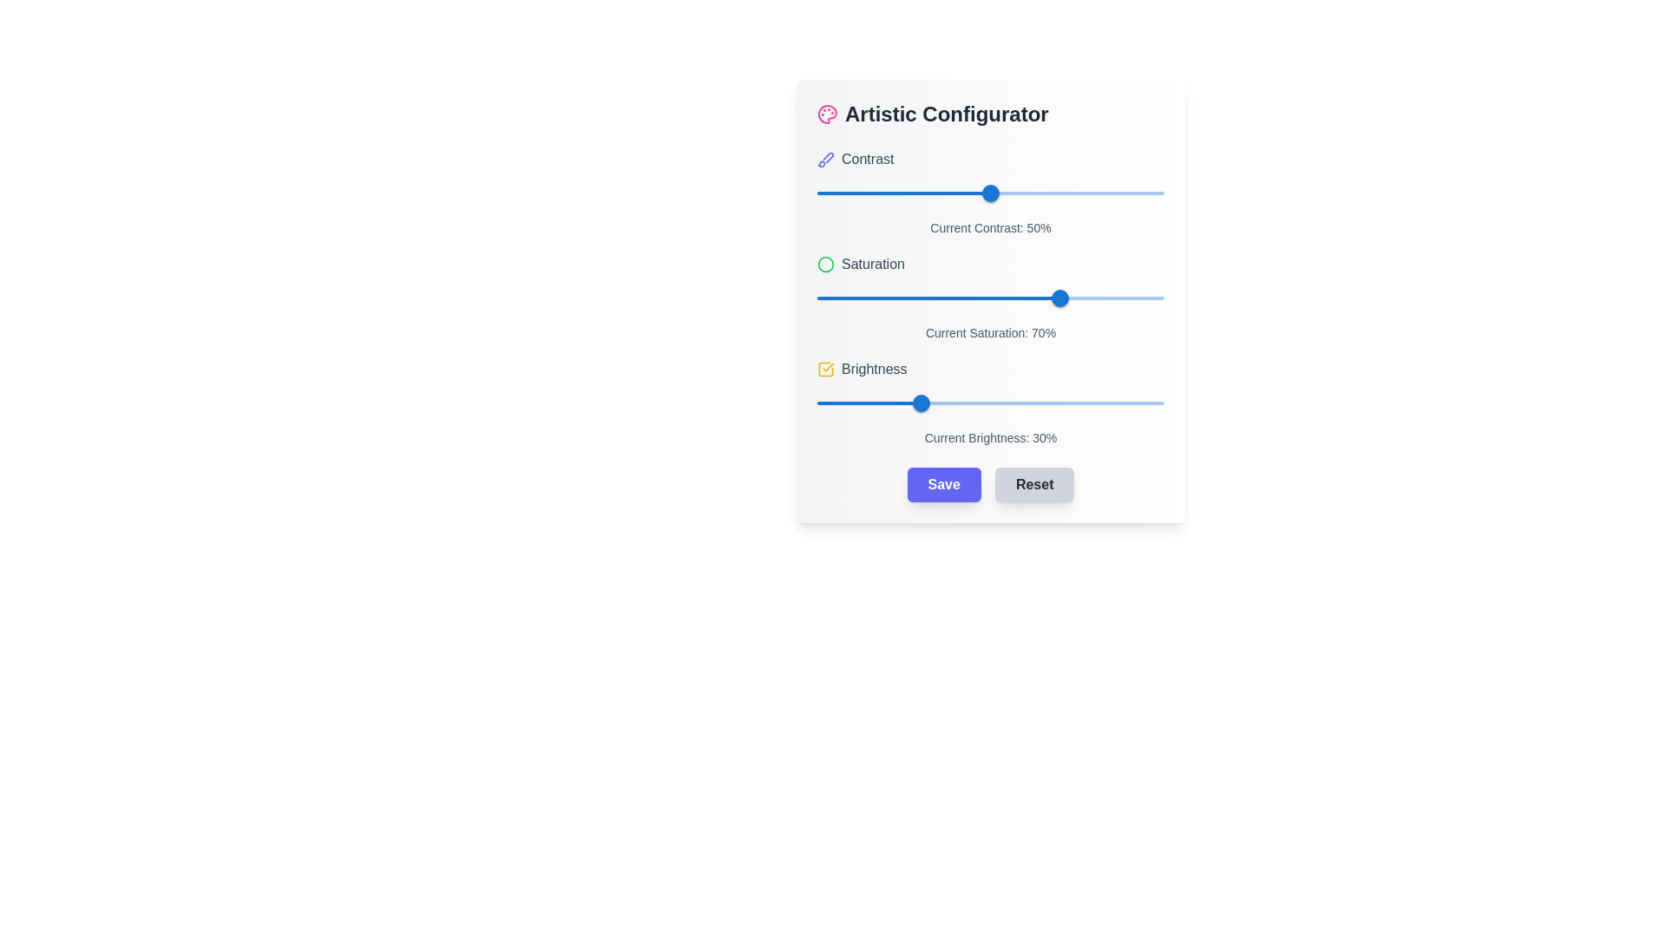  Describe the element at coordinates (991, 160) in the screenshot. I see `the label indicating the contrast setting, which is positioned above the slider and displays the text 'Current Contrast: 50%'` at that location.